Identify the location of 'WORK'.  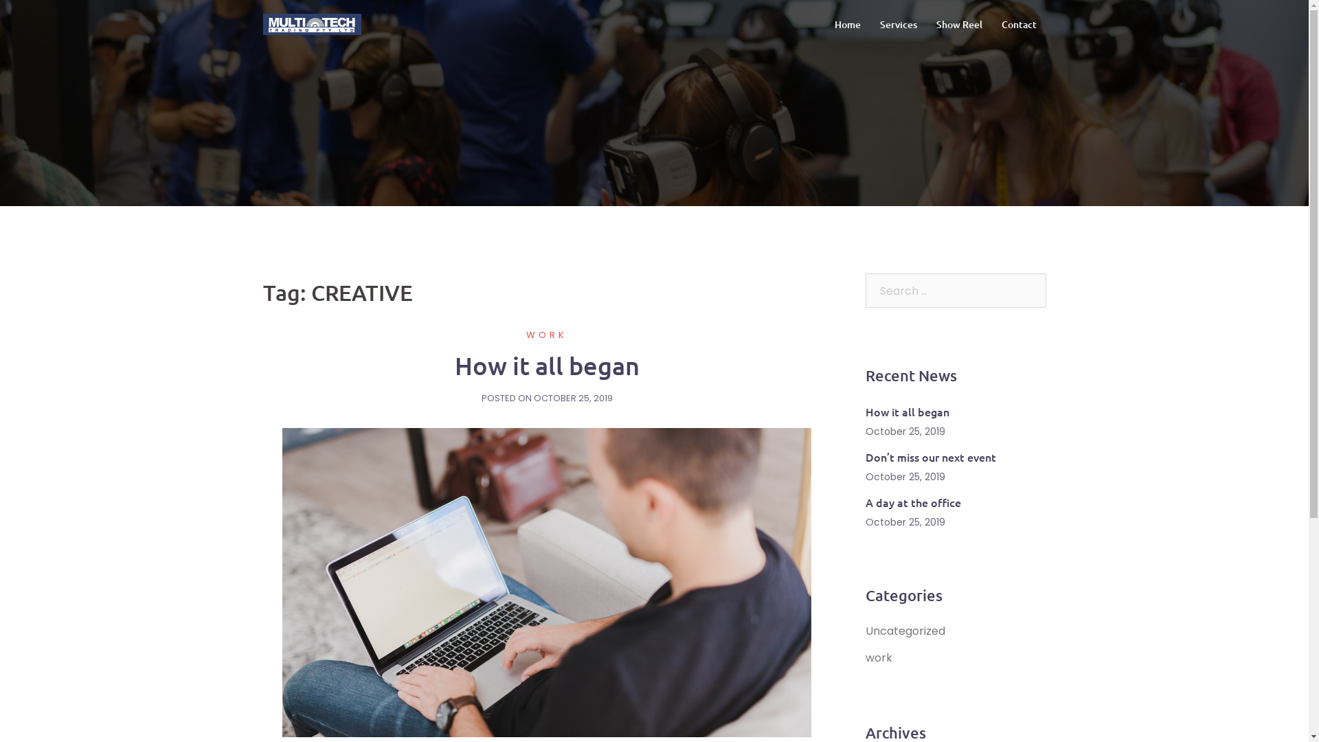
(546, 335).